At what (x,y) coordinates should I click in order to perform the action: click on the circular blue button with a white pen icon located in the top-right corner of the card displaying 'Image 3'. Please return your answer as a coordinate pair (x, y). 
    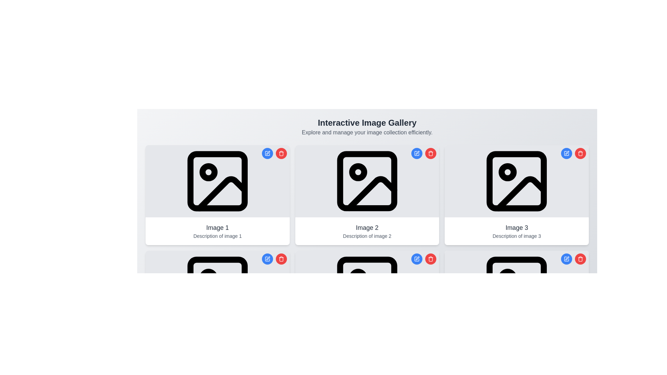
    Looking at the image, I should click on (567, 259).